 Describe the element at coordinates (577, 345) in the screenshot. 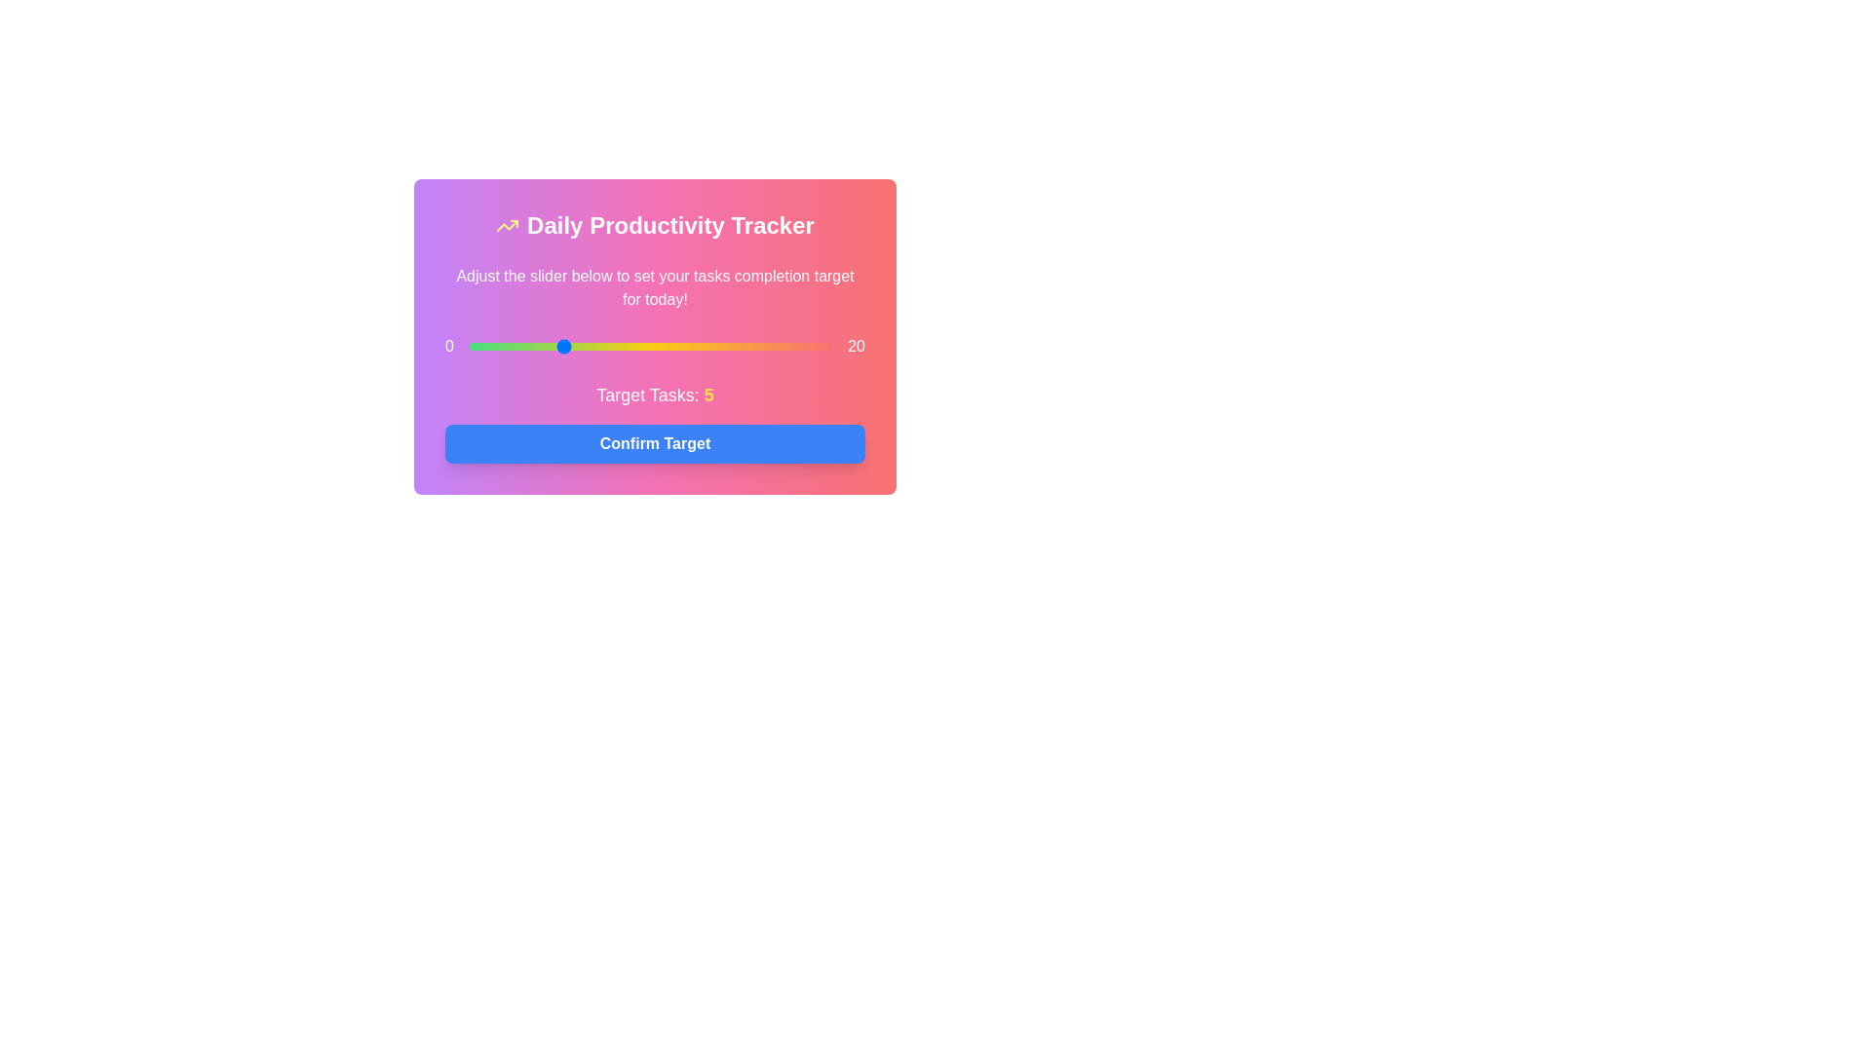

I see `the slider to set the task target to 6` at that location.